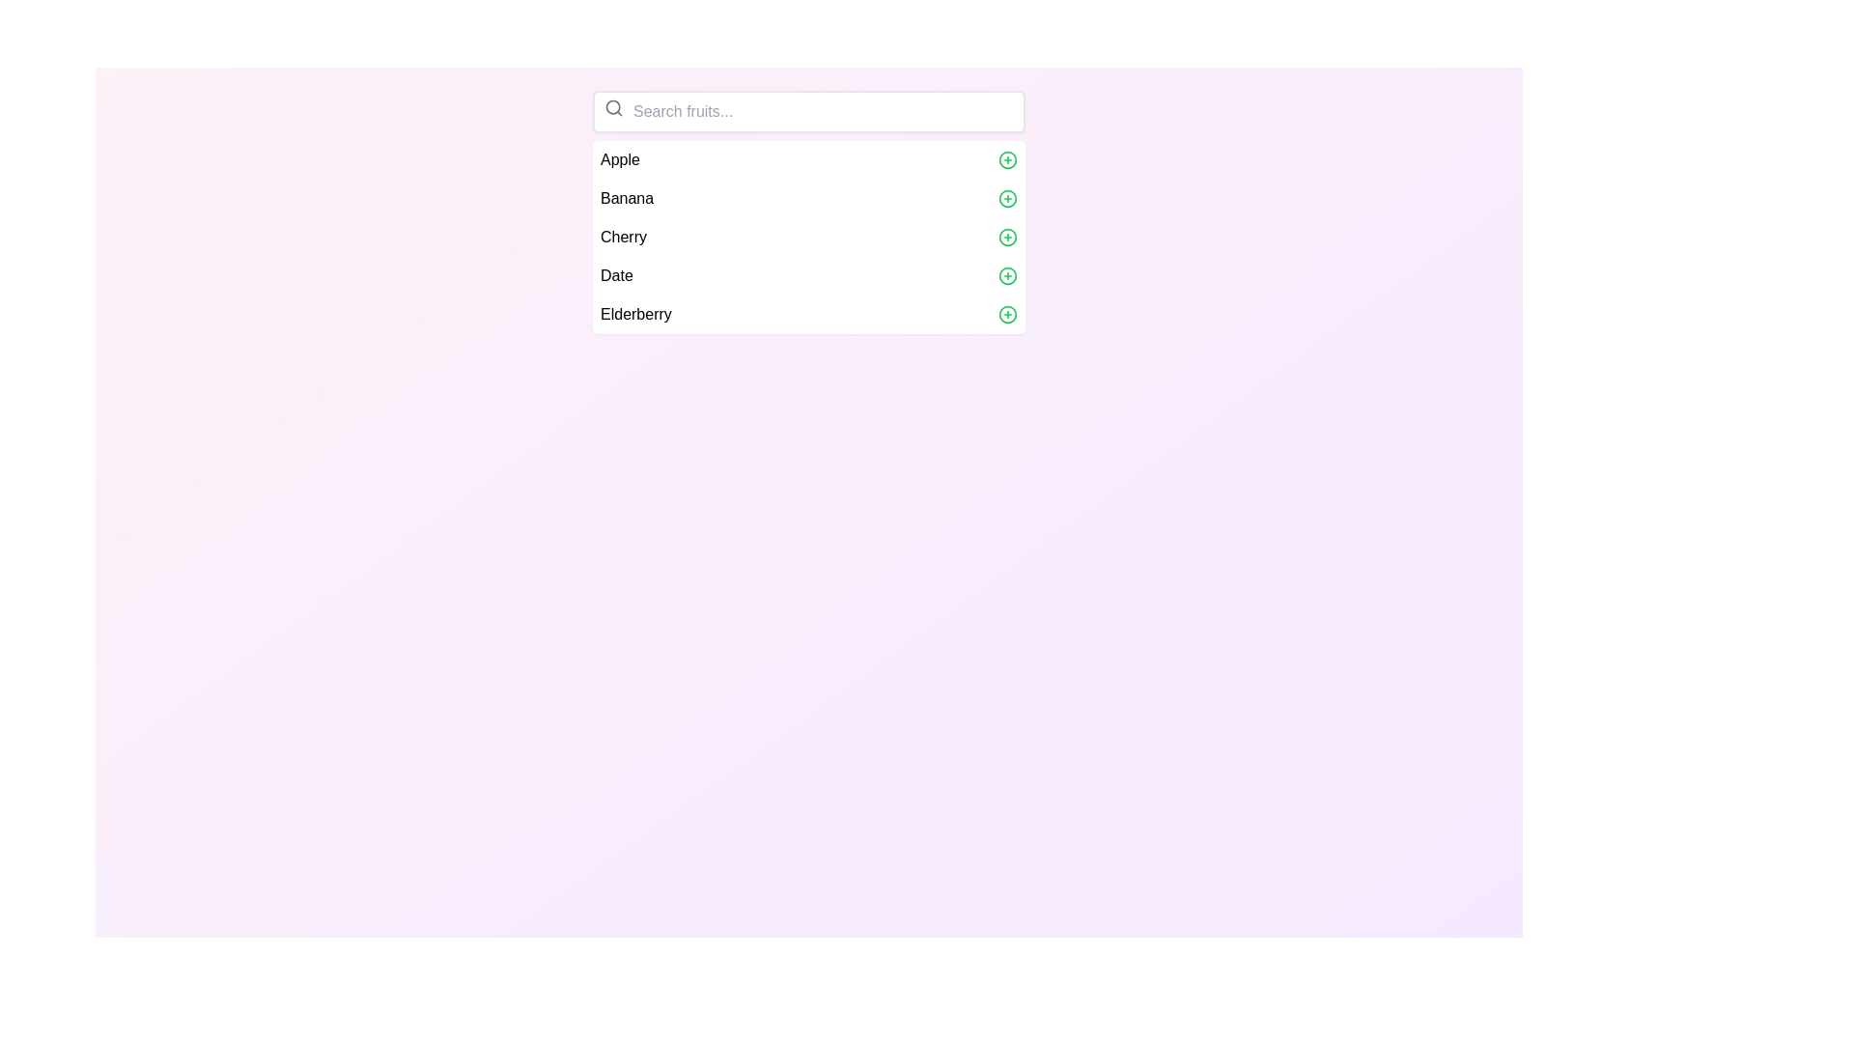  Describe the element at coordinates (1006, 158) in the screenshot. I see `the circular green-bordered button with a '+' symbol, located next to the text 'Apple'` at that location.